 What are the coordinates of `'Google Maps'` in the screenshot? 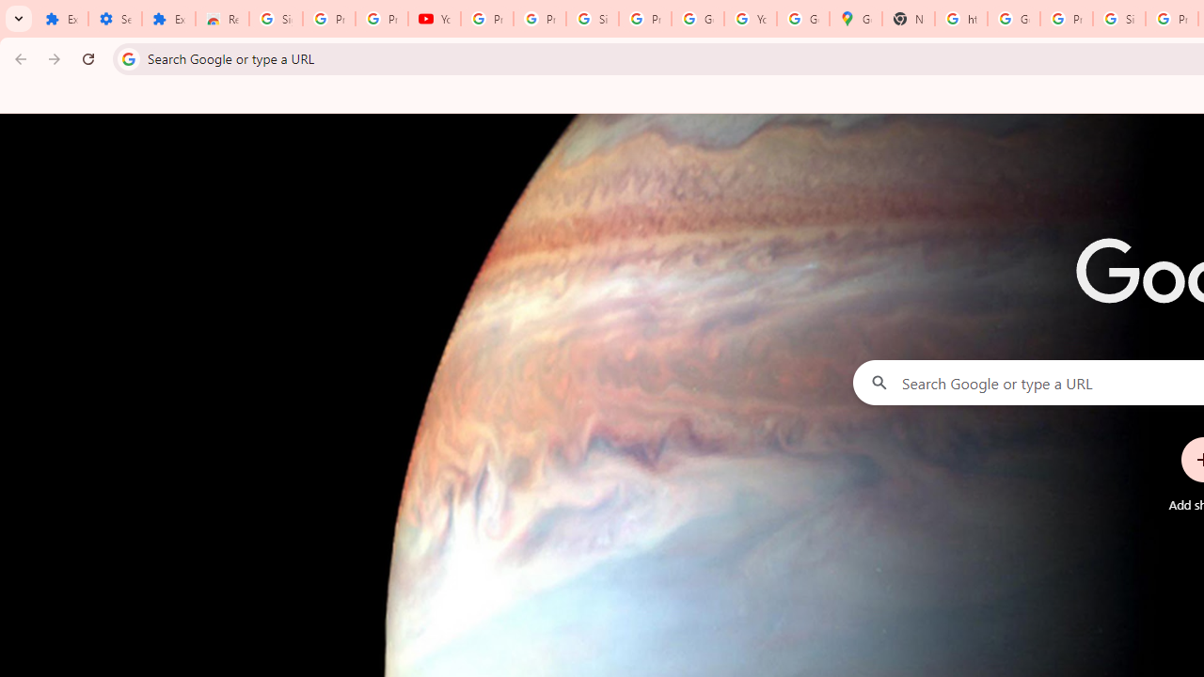 It's located at (855, 19).